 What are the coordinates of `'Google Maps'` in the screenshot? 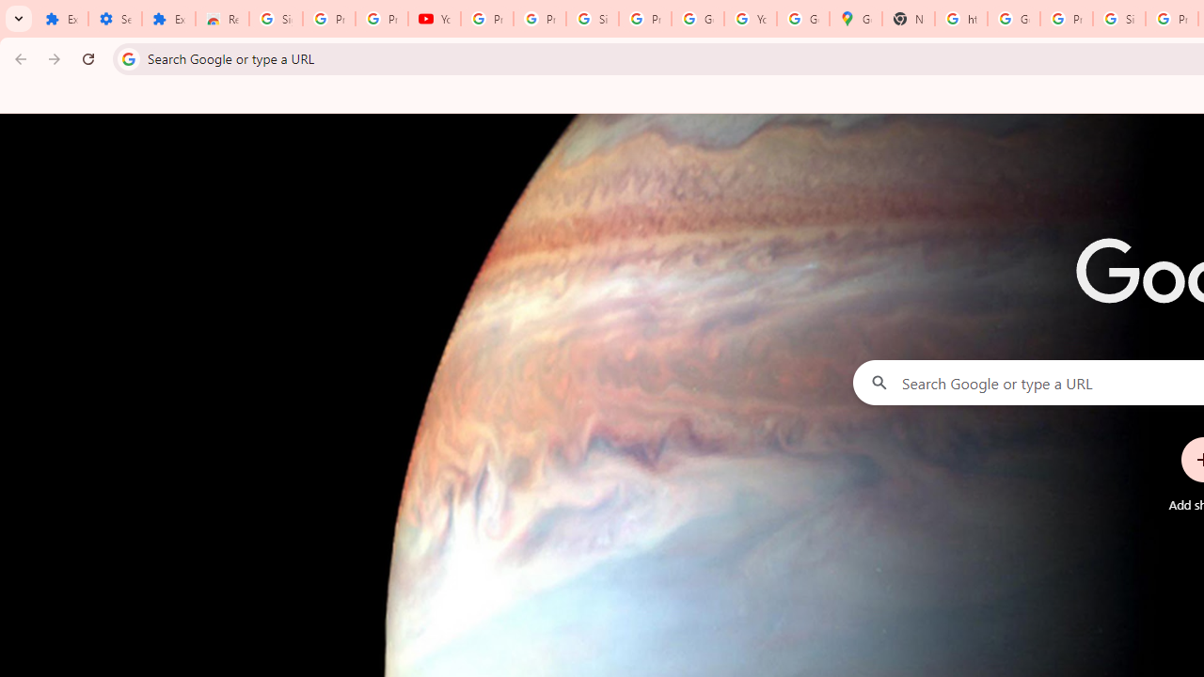 It's located at (855, 19).